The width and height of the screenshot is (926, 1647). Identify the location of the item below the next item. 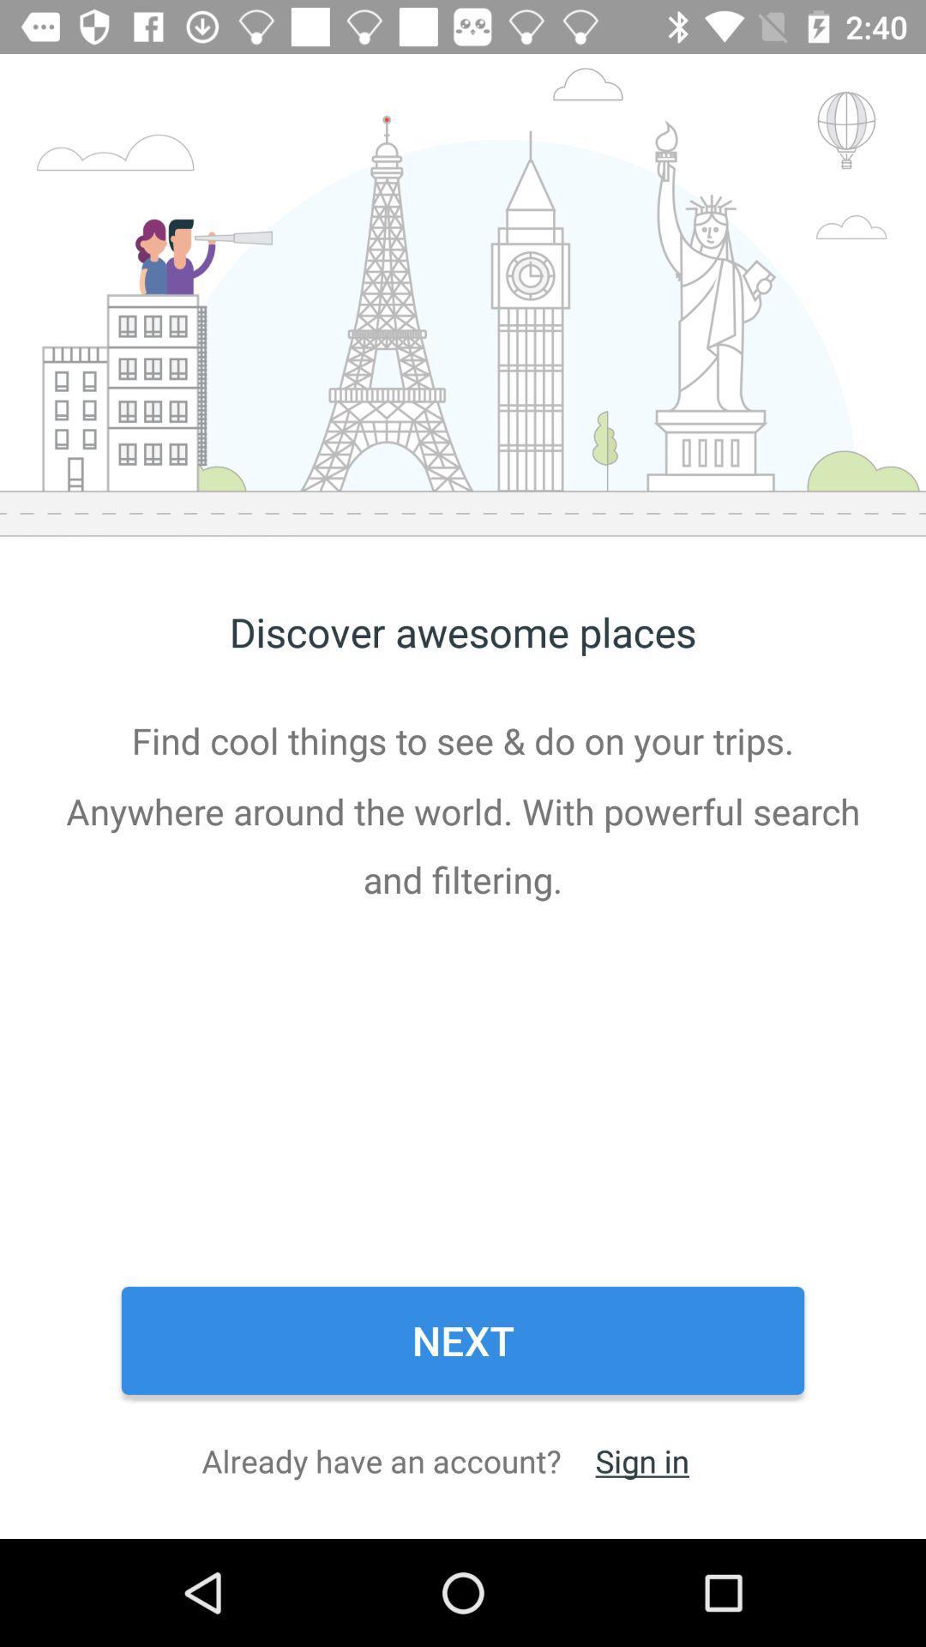
(642, 1460).